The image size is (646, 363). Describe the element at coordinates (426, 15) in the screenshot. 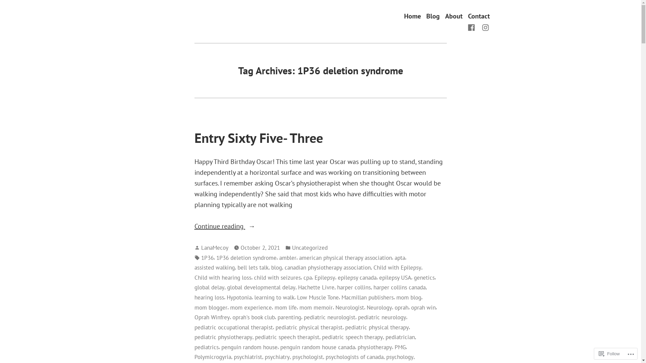

I see `'Blog'` at that location.